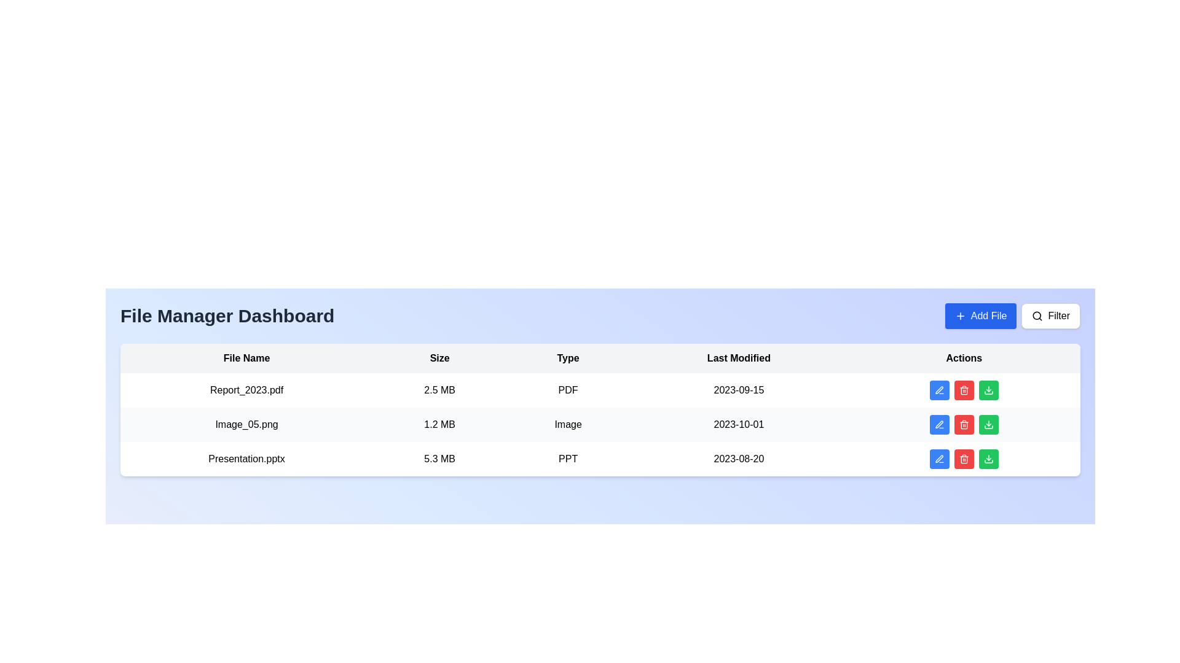 The width and height of the screenshot is (1180, 663). What do you see at coordinates (567, 424) in the screenshot?
I see `the text label 'Image' located in the second row of the table under the column labeled 'Type'` at bounding box center [567, 424].